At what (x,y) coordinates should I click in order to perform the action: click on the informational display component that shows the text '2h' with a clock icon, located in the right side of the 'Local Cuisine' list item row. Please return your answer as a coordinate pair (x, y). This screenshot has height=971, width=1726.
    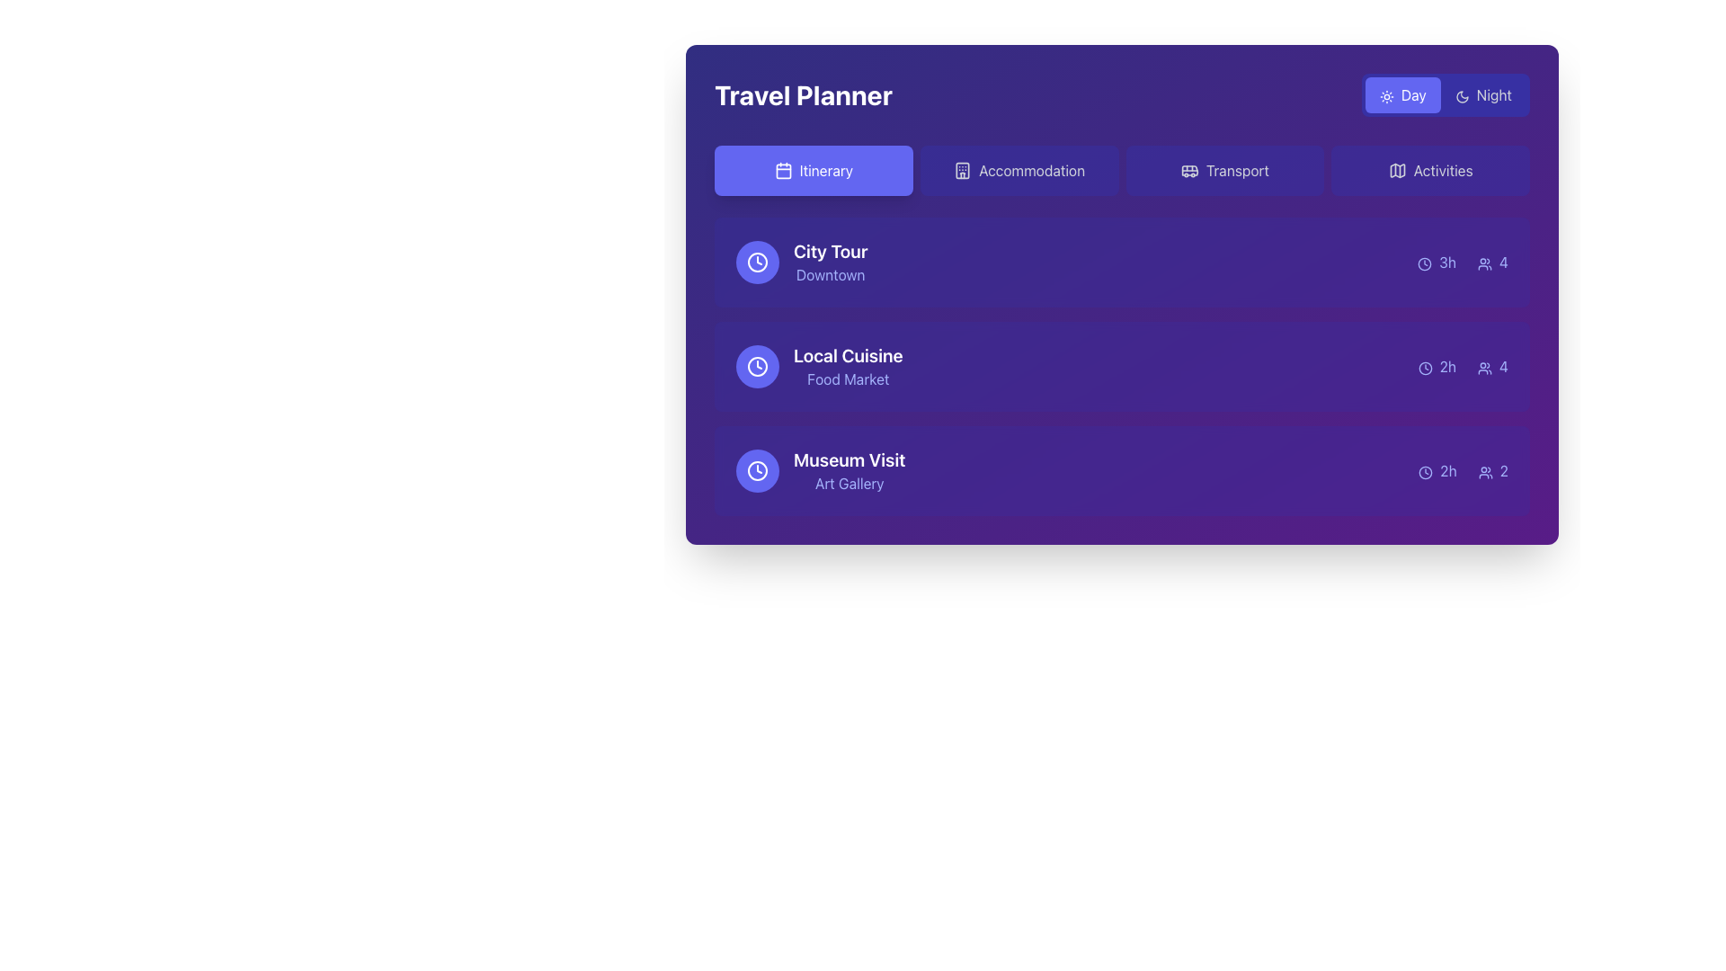
    Looking at the image, I should click on (1436, 366).